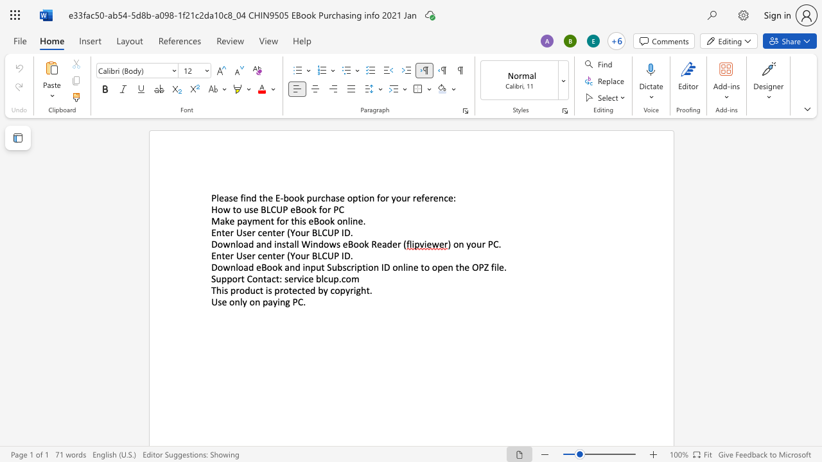 This screenshot has width=822, height=462. Describe the element at coordinates (326, 244) in the screenshot. I see `the 3th character "o" in the text` at that location.